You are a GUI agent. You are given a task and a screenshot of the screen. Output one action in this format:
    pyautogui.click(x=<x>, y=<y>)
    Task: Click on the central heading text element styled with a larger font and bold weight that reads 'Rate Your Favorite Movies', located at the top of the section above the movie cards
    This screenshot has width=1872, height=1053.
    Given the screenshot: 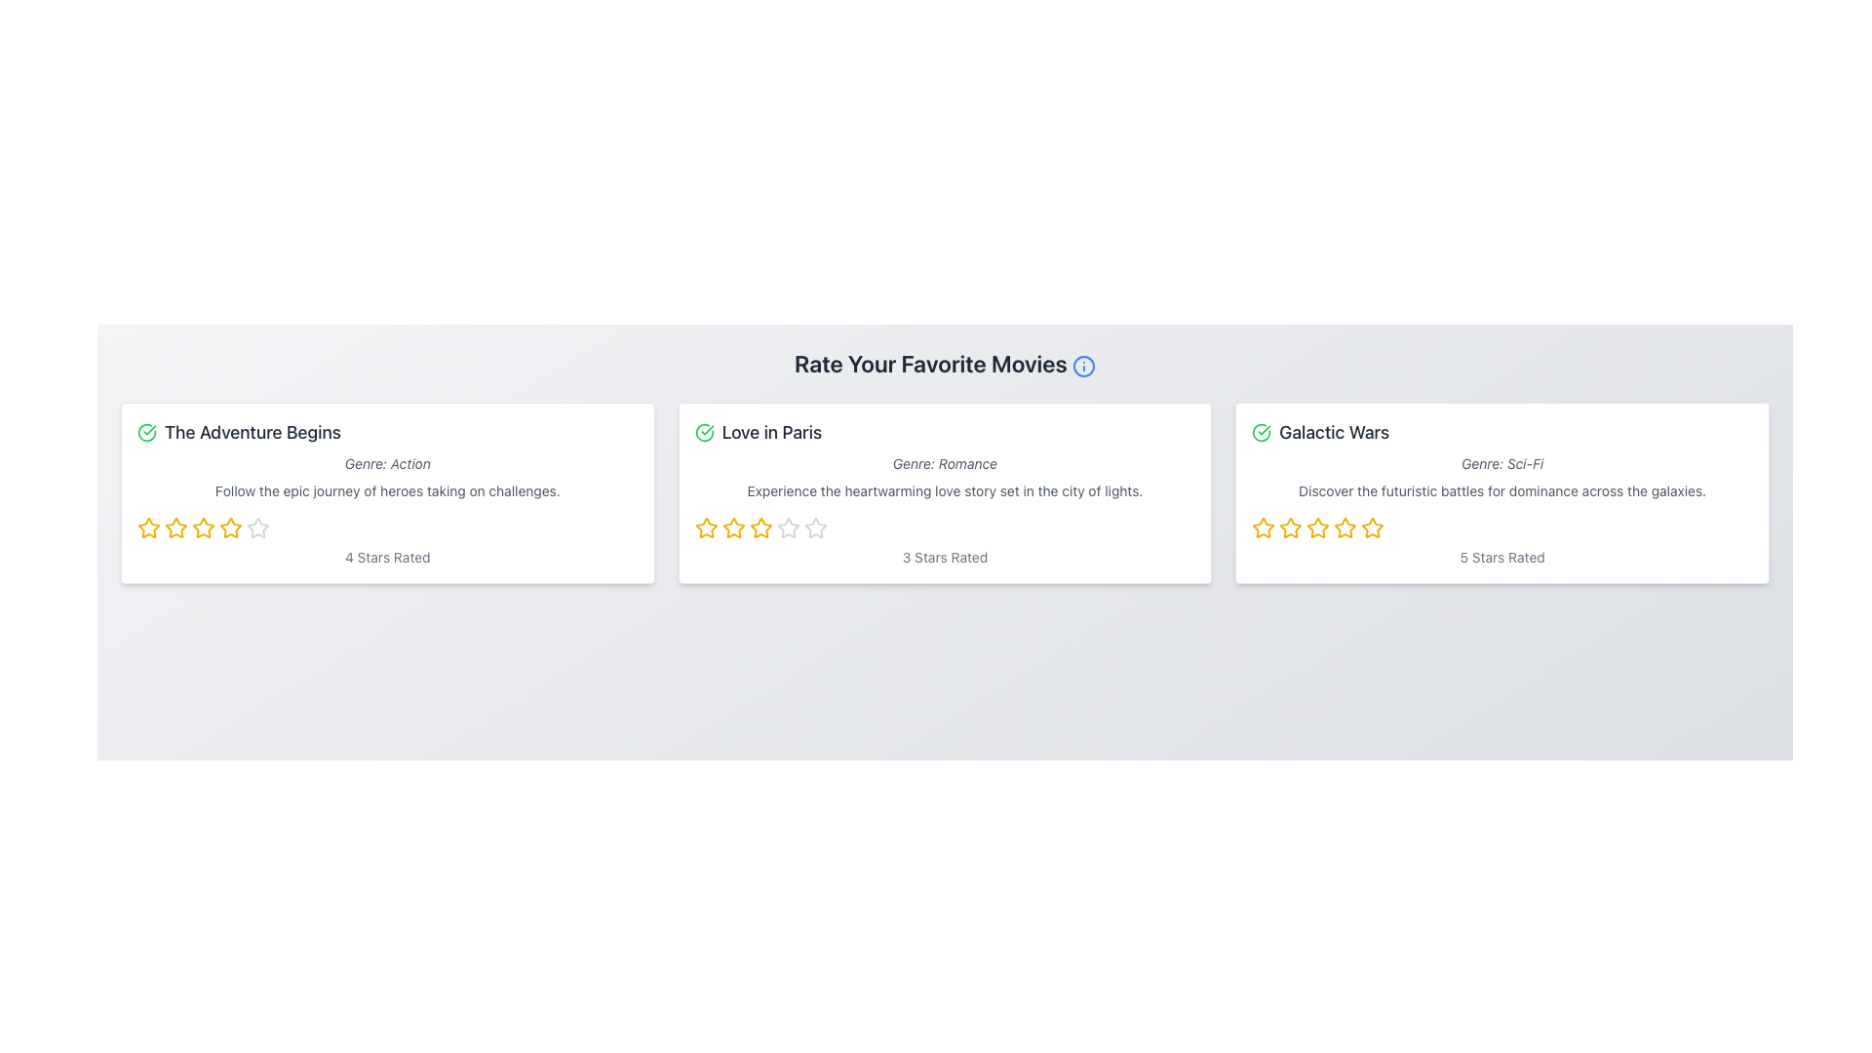 What is the action you would take?
    pyautogui.click(x=945, y=364)
    